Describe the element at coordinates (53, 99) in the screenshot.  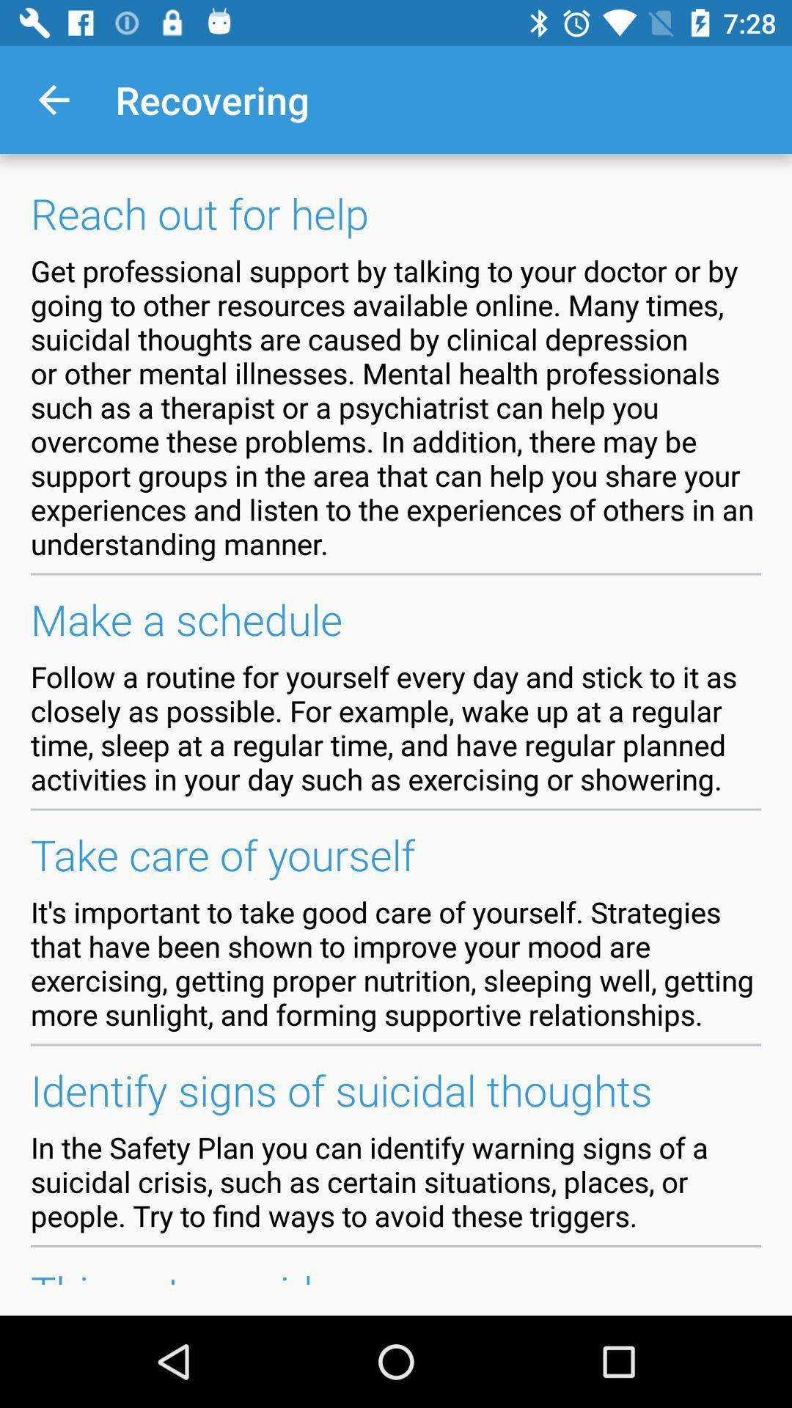
I see `the item above the reach out for icon` at that location.